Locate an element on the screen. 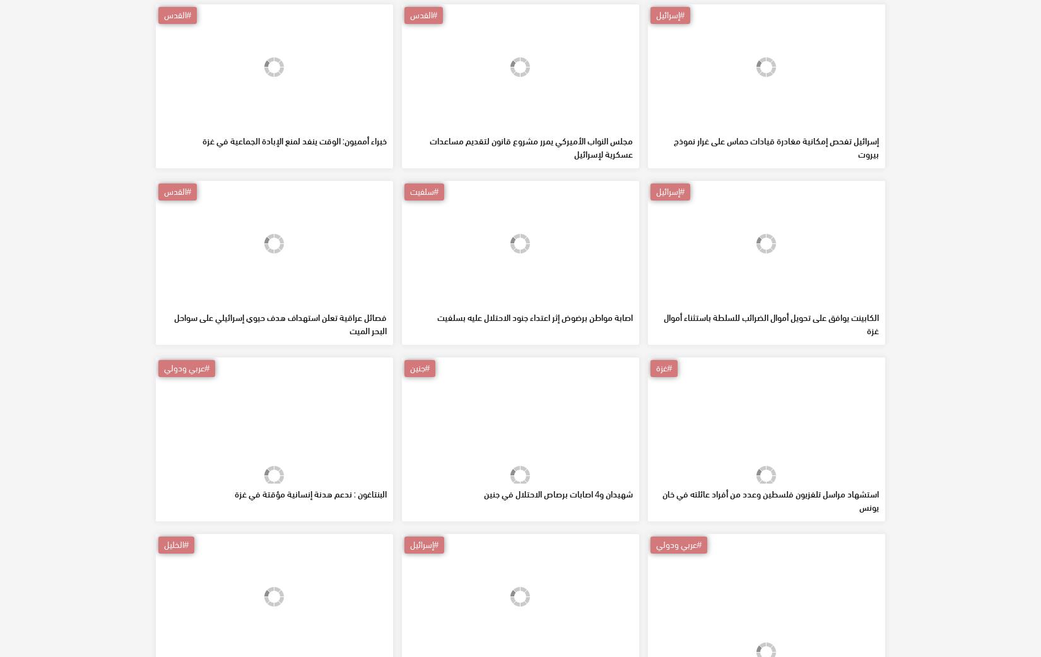  '#جنين' is located at coordinates (418, 458).